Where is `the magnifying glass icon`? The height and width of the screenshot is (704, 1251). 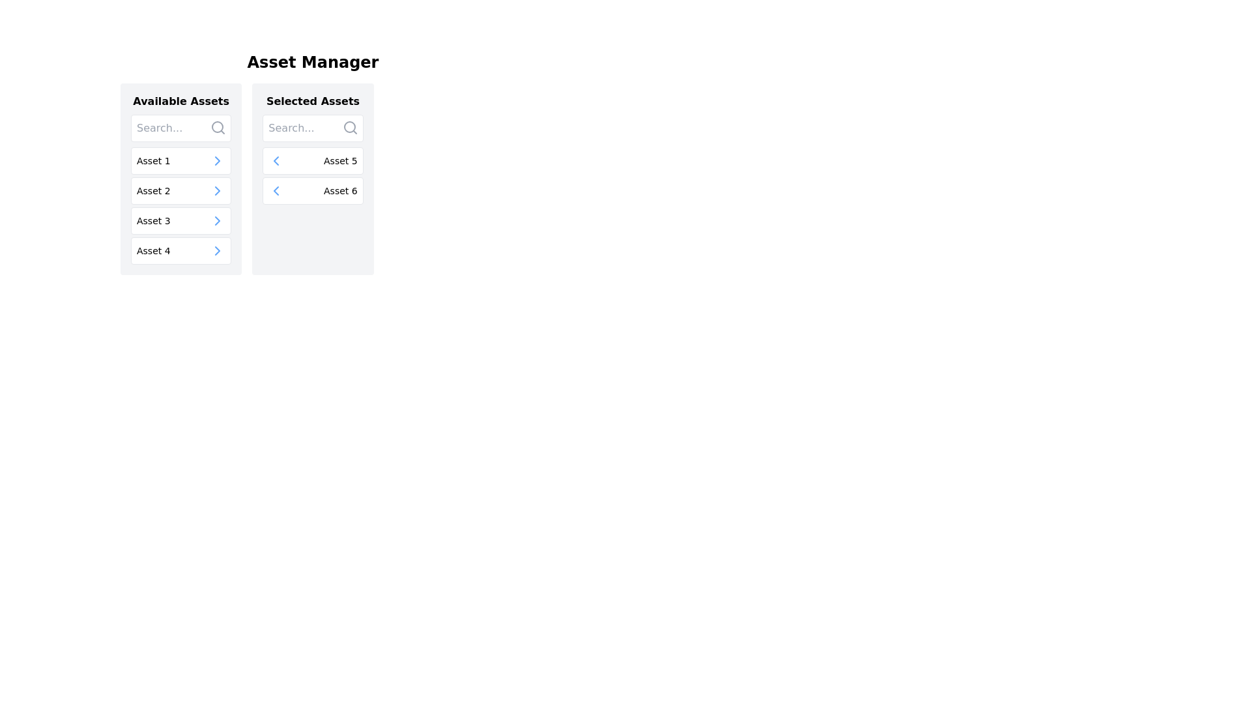
the magnifying glass icon is located at coordinates (218, 128).